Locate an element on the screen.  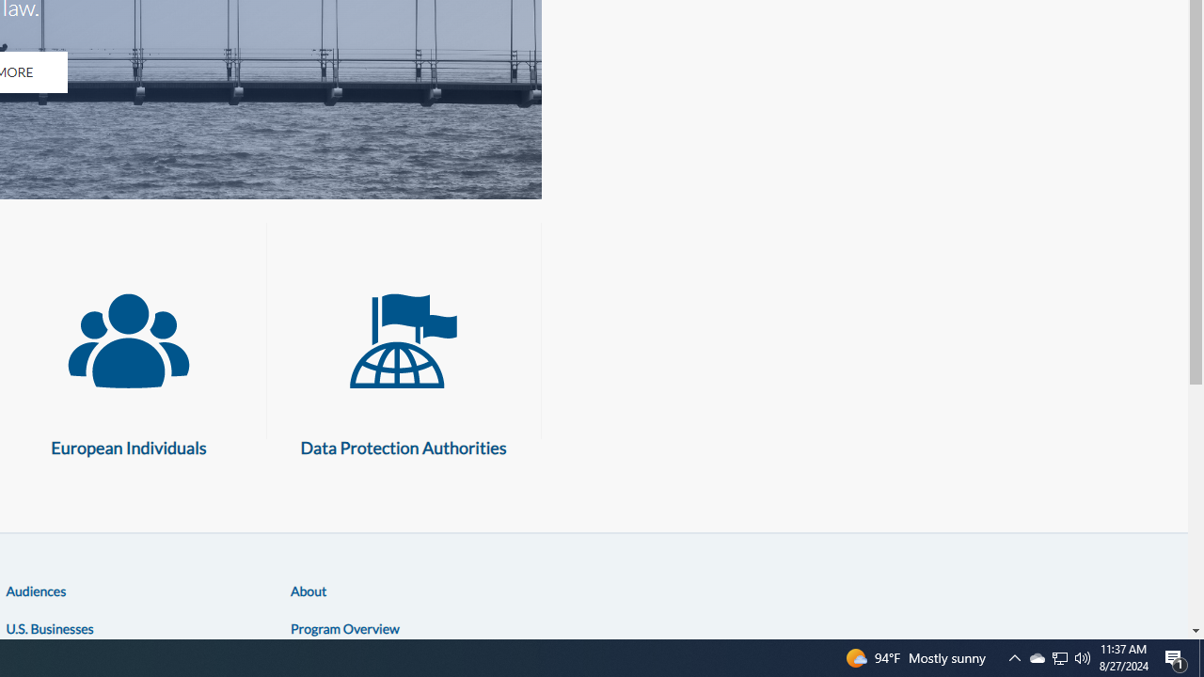
'Data Protection Authorities' is located at coordinates (403, 341).